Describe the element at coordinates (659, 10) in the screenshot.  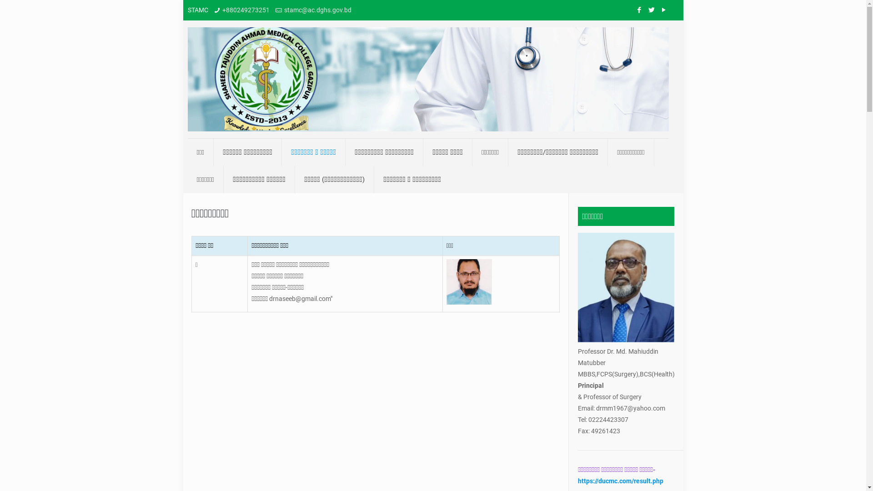
I see `'YouTube'` at that location.